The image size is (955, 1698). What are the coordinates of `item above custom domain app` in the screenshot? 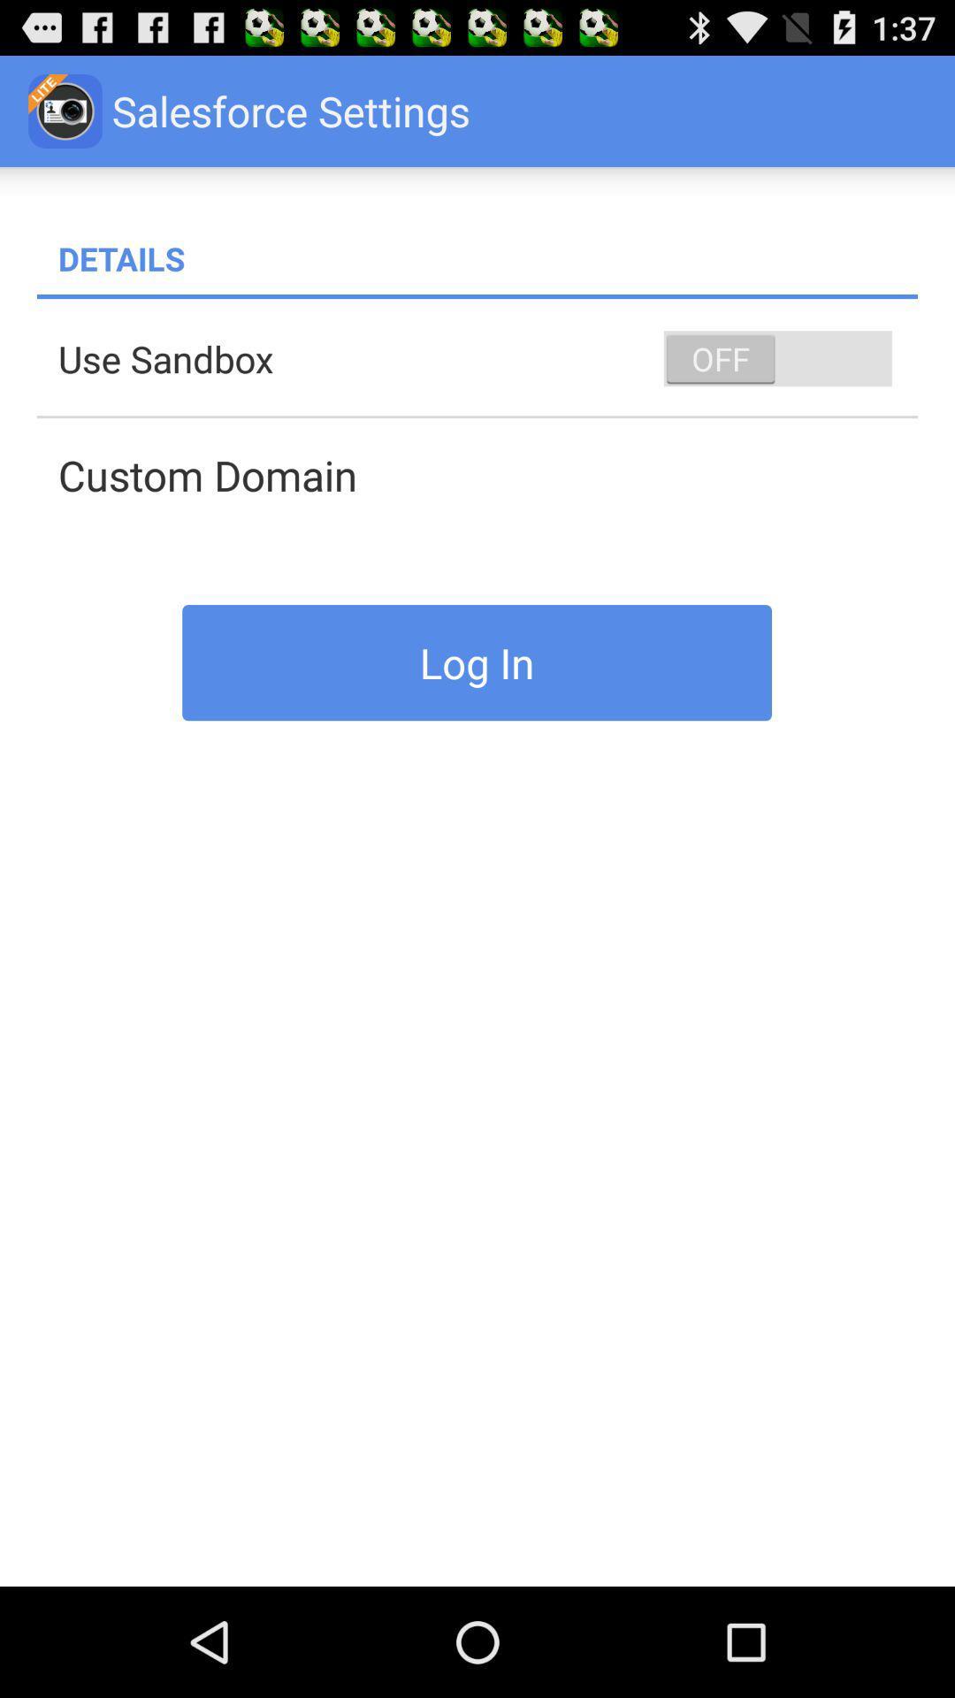 It's located at (487, 357).